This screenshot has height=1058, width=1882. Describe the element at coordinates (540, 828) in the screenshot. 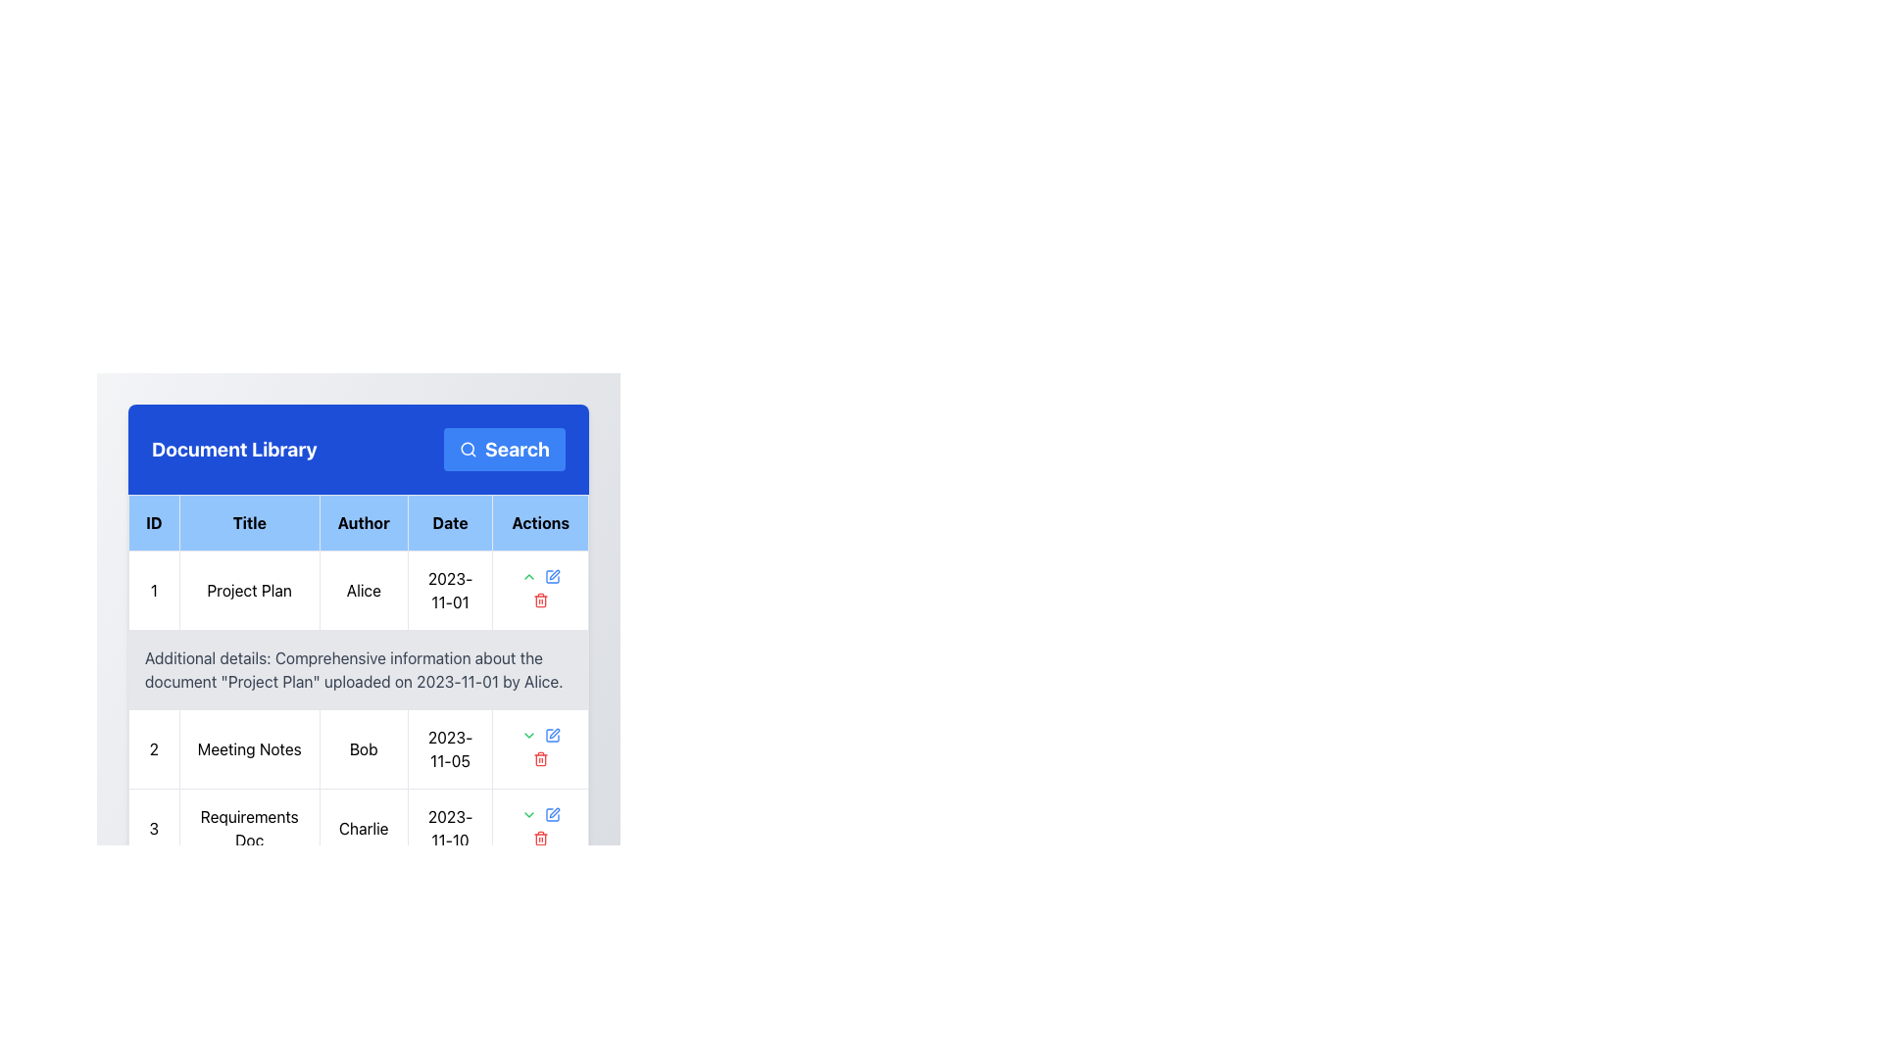

I see `the blank button located in the 'Actions' column of the third row in the 'Document Library' table, which is styled with a border and padding and is the rightmost element in its row` at that location.